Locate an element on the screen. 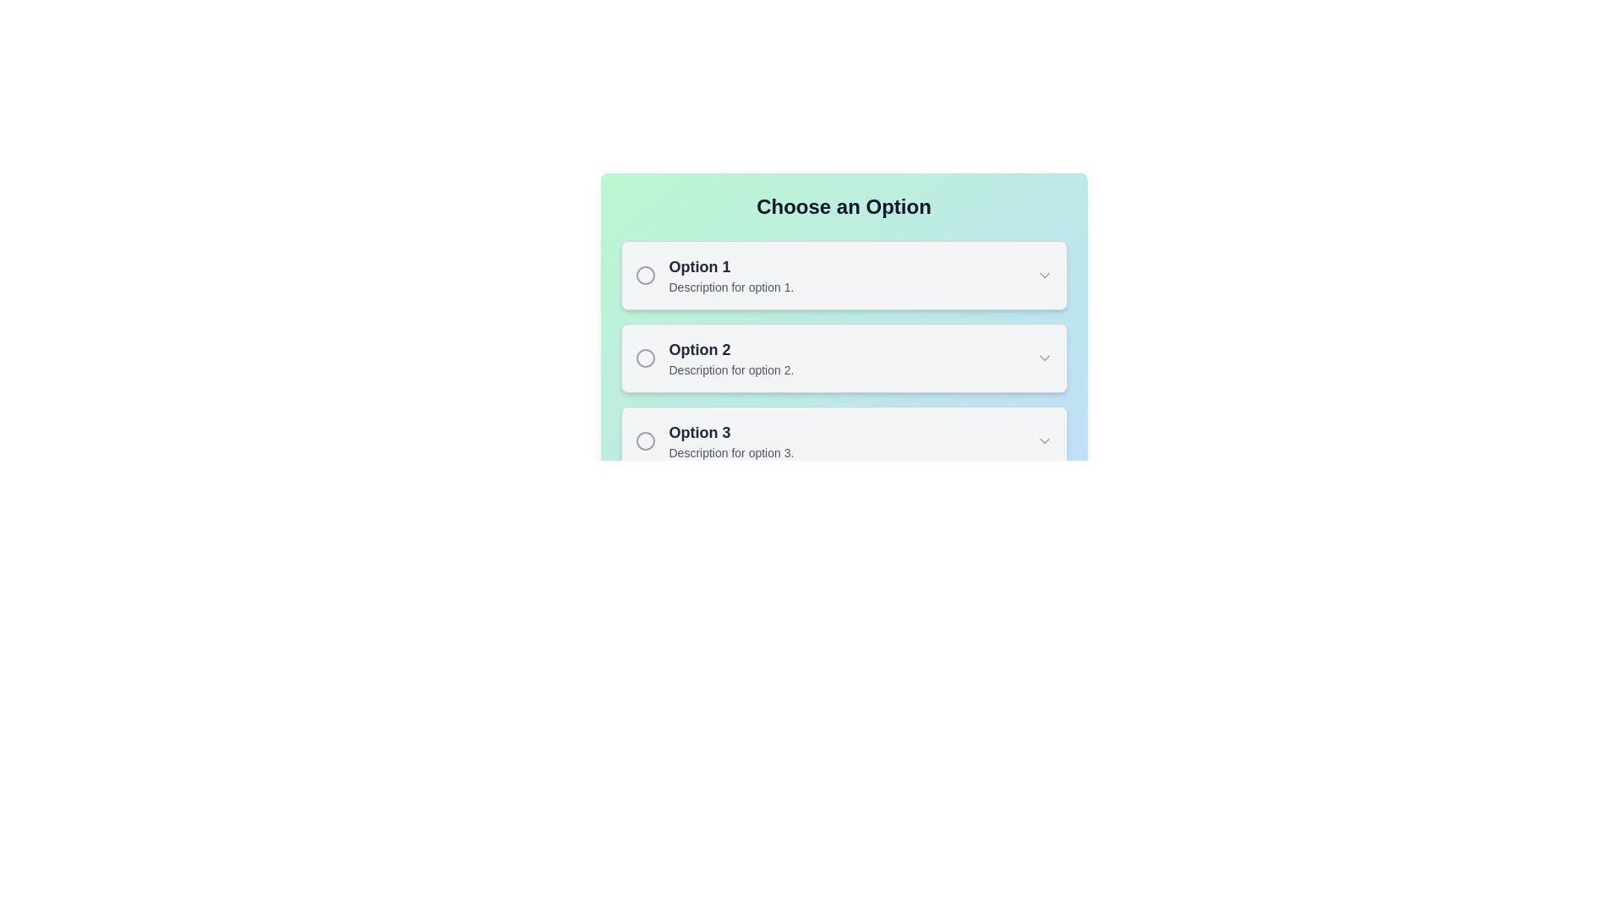  the circular graphic indicative of a radio button located in the first column of the third row, adjacent to 'Option 3' is located at coordinates (644, 440).